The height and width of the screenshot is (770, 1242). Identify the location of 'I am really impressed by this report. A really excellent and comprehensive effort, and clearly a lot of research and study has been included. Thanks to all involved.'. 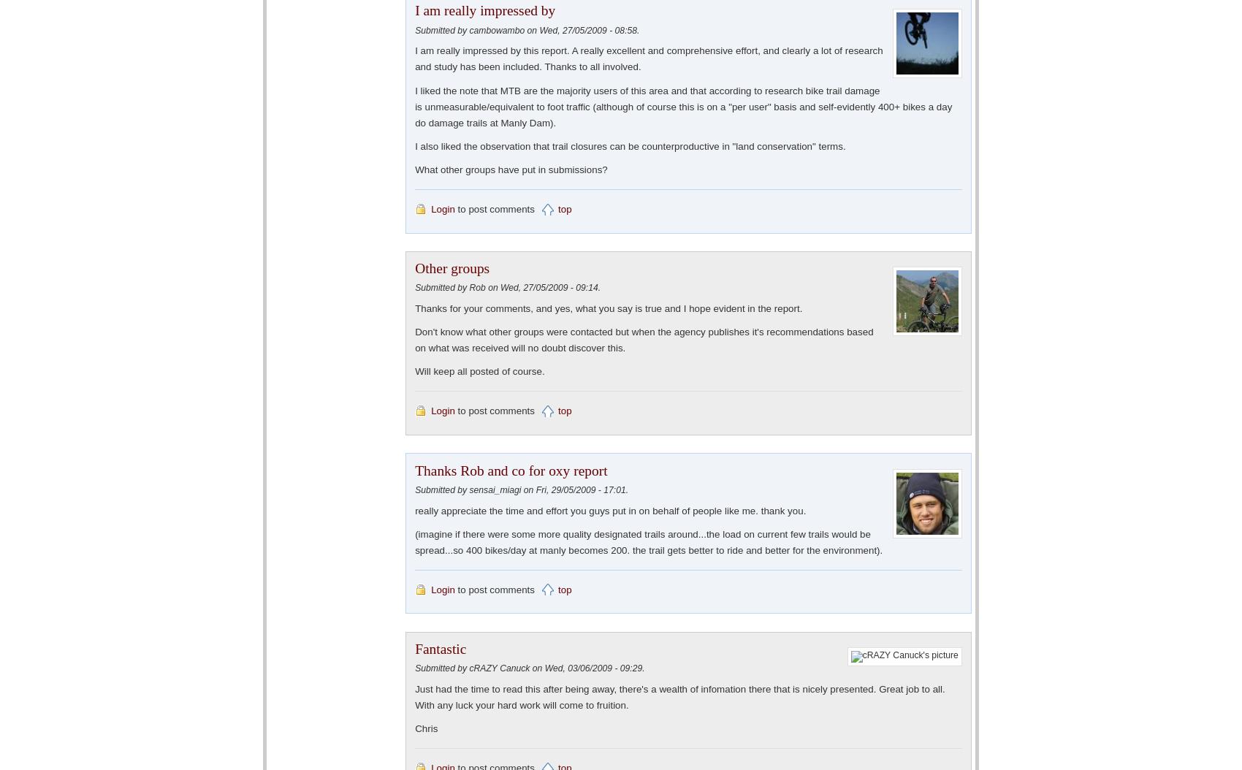
(649, 58).